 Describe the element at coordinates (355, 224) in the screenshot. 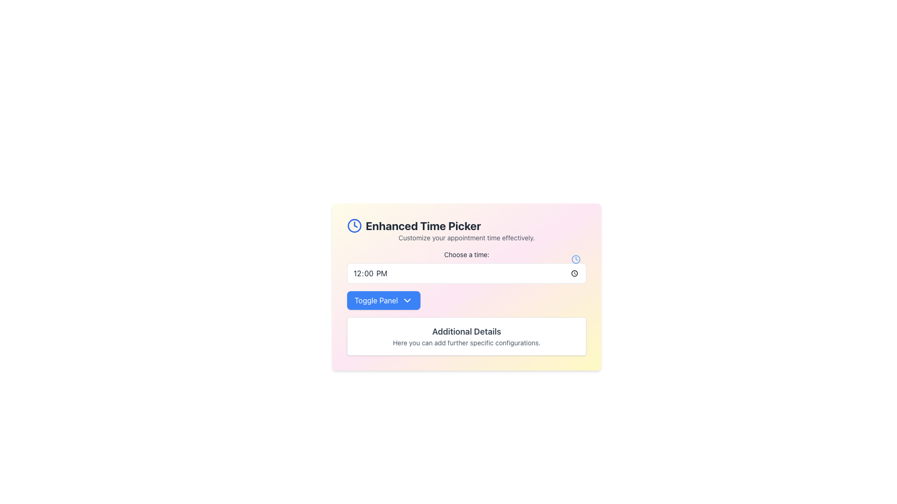

I see `the clock hand element of the clock icon located in the header of the card interface, which is positioned to the left of the text 'Enhanced Time Picker'` at that location.